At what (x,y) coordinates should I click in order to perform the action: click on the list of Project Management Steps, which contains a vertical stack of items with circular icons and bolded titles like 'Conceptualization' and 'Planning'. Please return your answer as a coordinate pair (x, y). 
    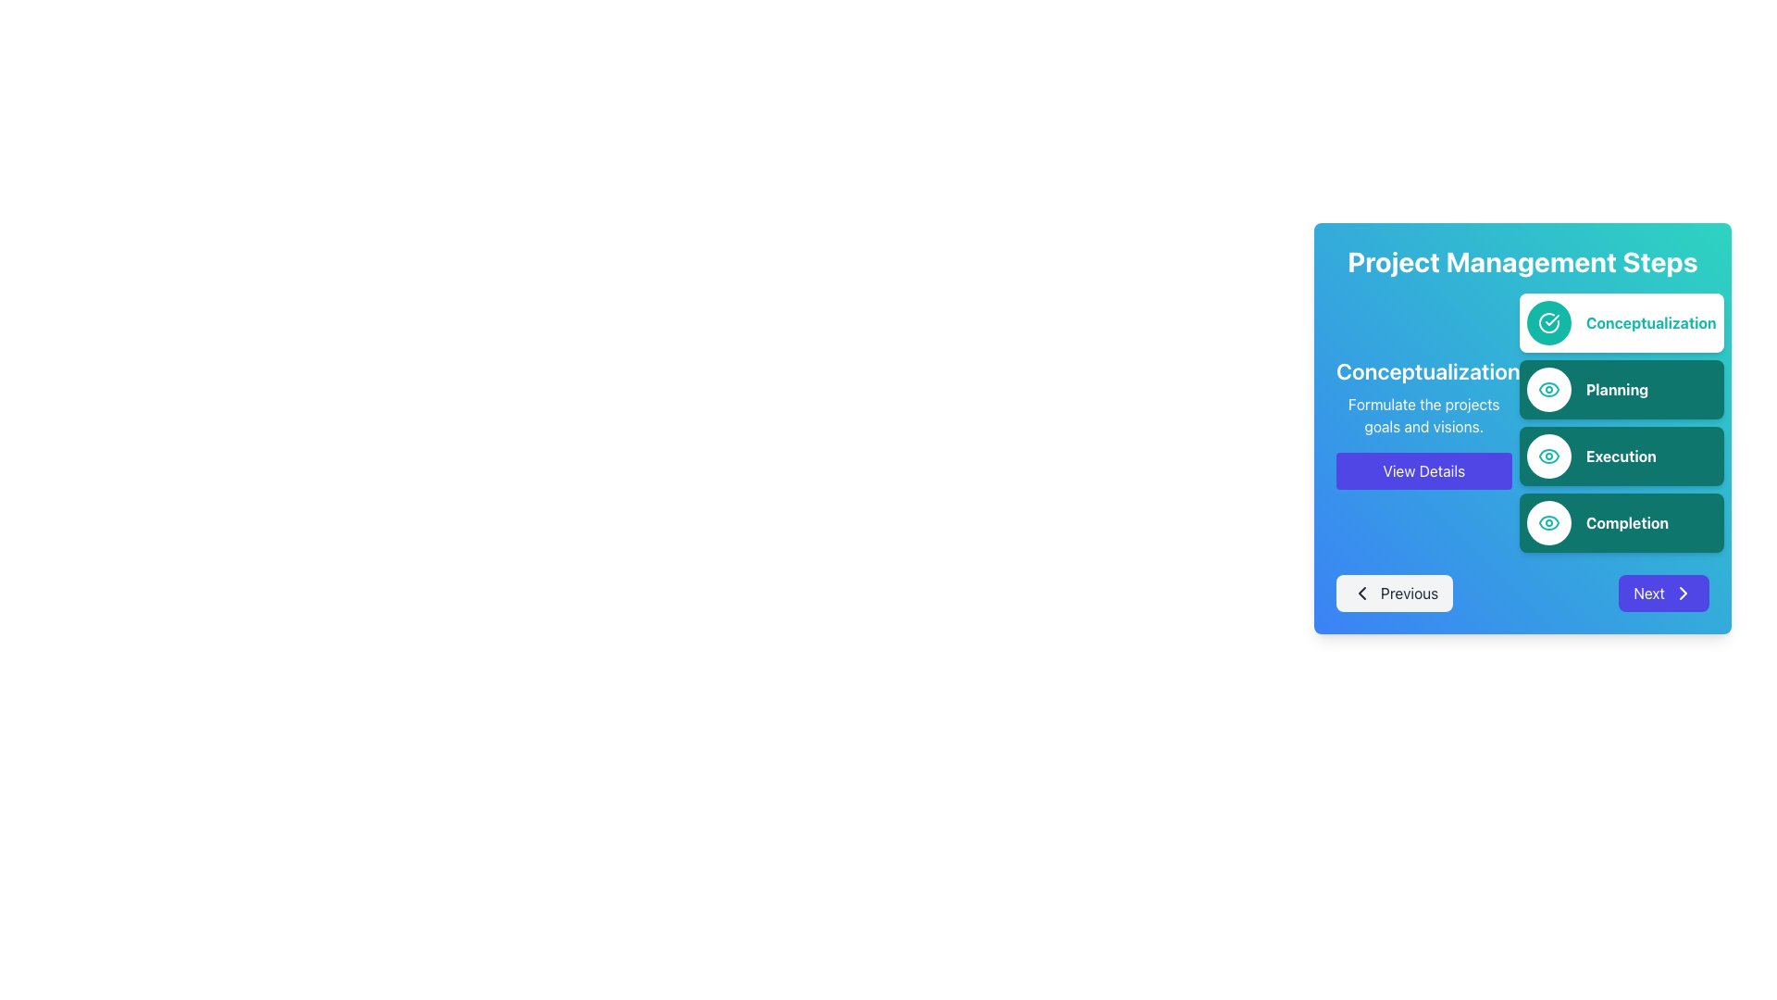
    Looking at the image, I should click on (1621, 422).